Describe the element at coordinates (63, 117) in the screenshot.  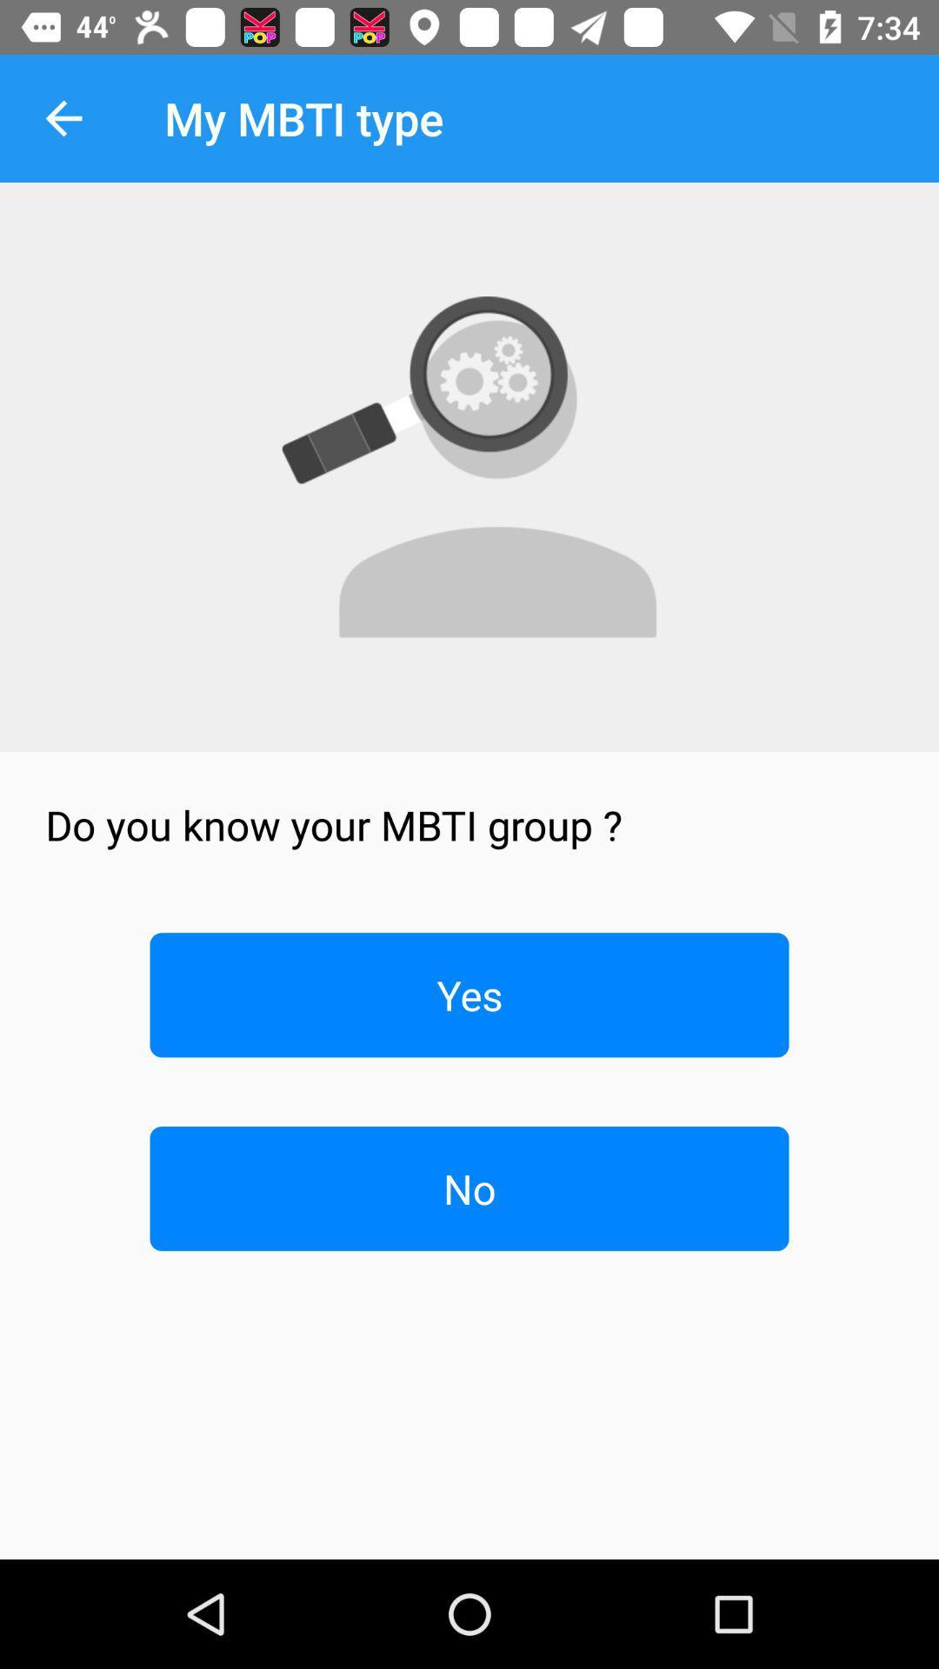
I see `the item to the left of my mbti type item` at that location.